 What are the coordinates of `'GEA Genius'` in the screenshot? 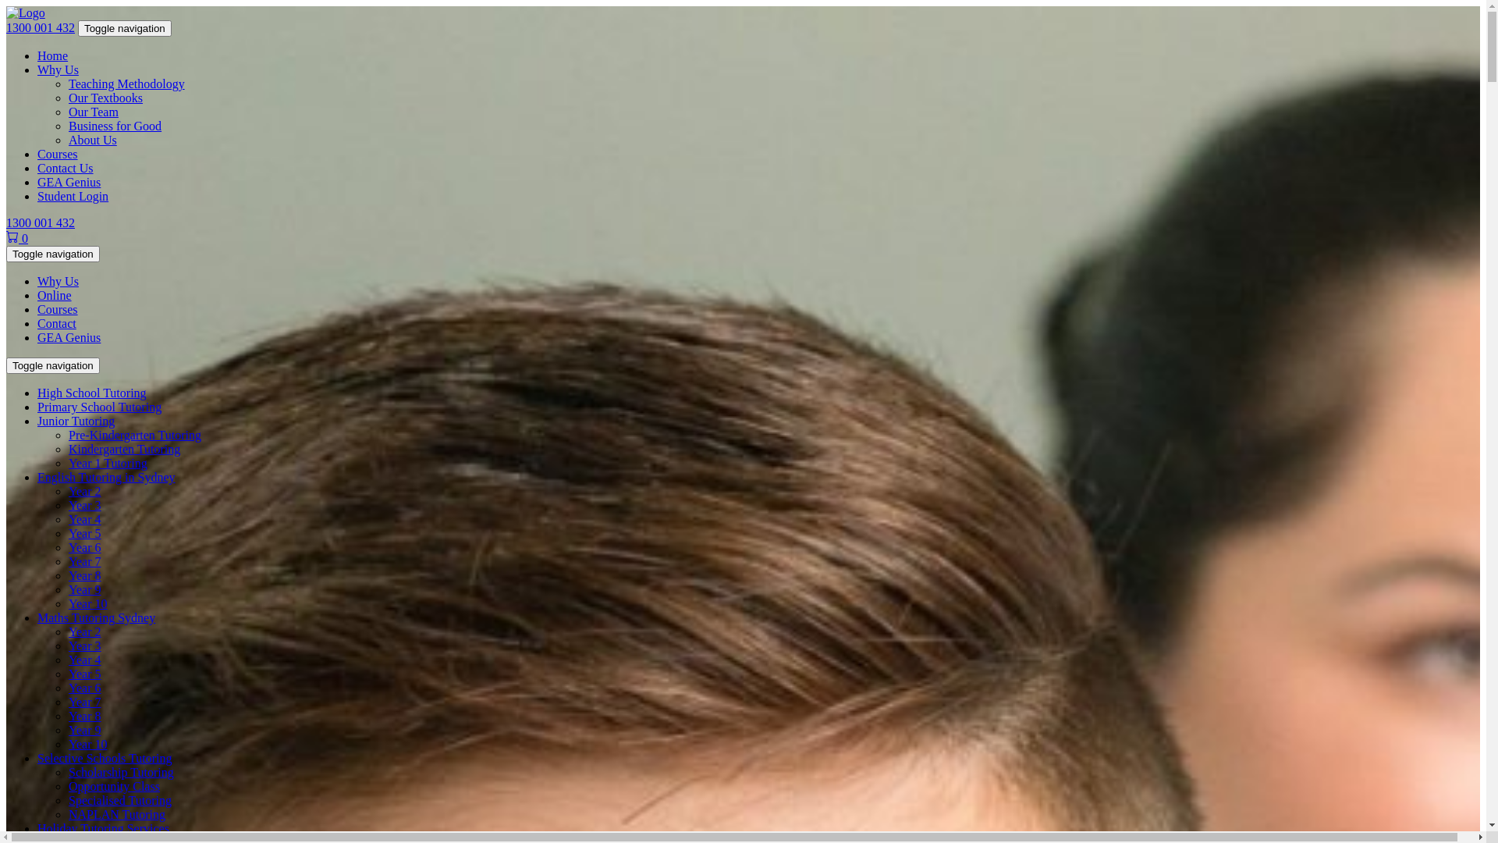 It's located at (37, 181).